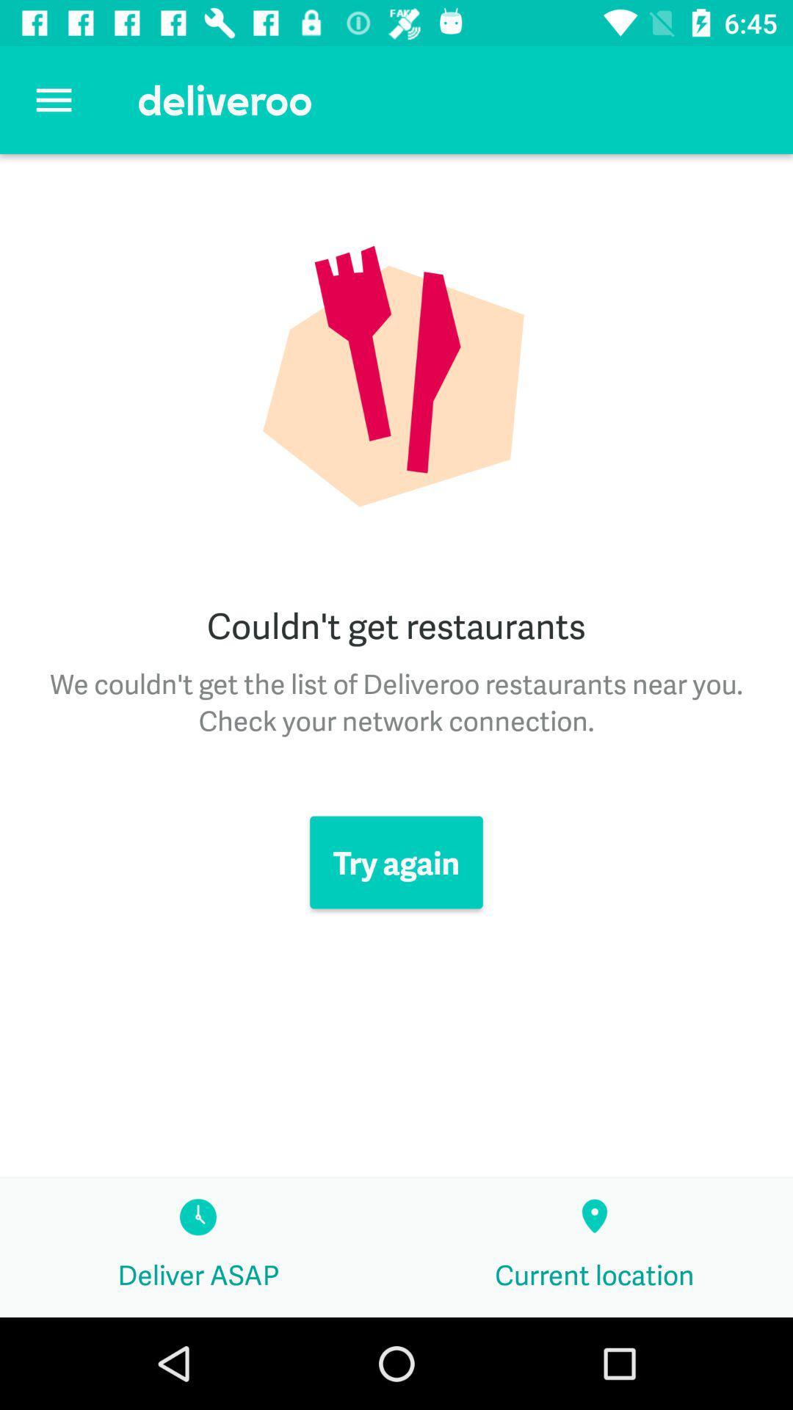 The image size is (793, 1410). Describe the element at coordinates (198, 1247) in the screenshot. I see `the icon at the bottom left corner` at that location.